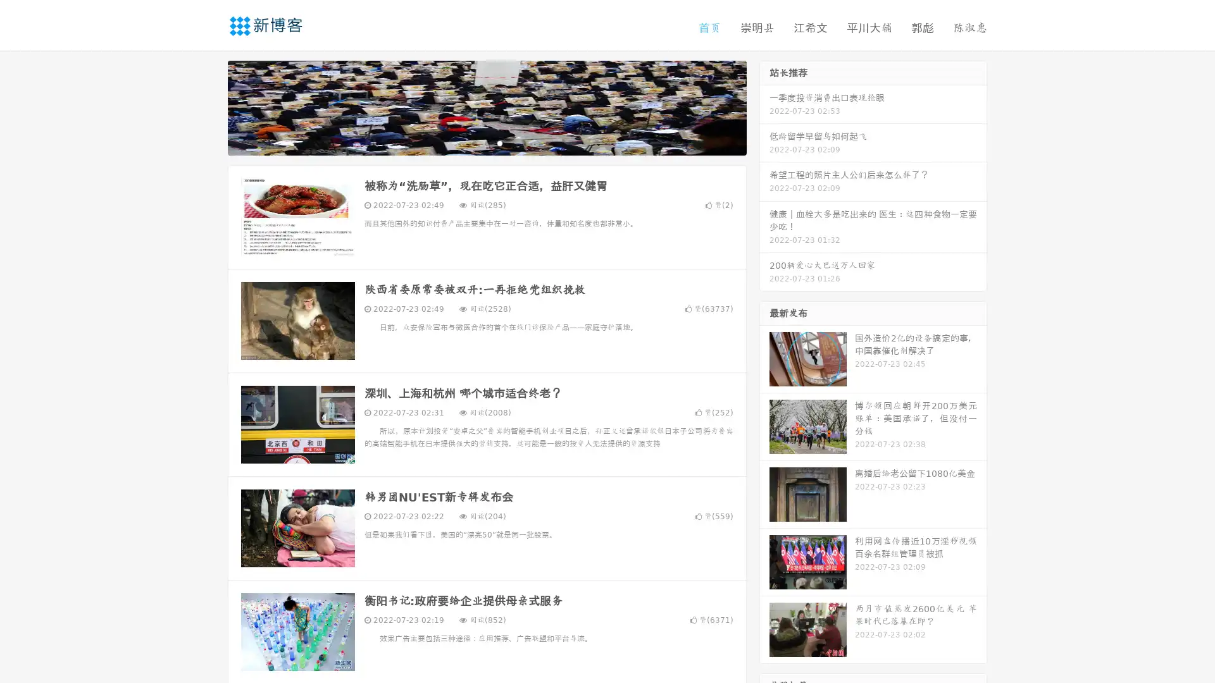  I want to click on Go to slide 1, so click(473, 142).